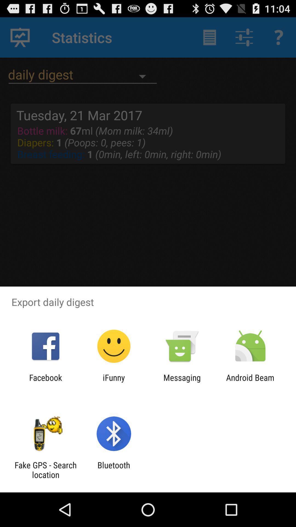 This screenshot has height=527, width=296. I want to click on icon next to the messaging item, so click(250, 382).